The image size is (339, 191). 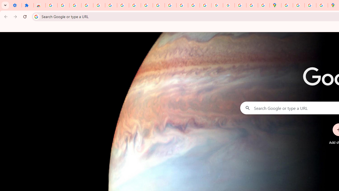 I want to click on 'Delete photos & videos - Computer - Google Photos Help', so click(x=75, y=5).